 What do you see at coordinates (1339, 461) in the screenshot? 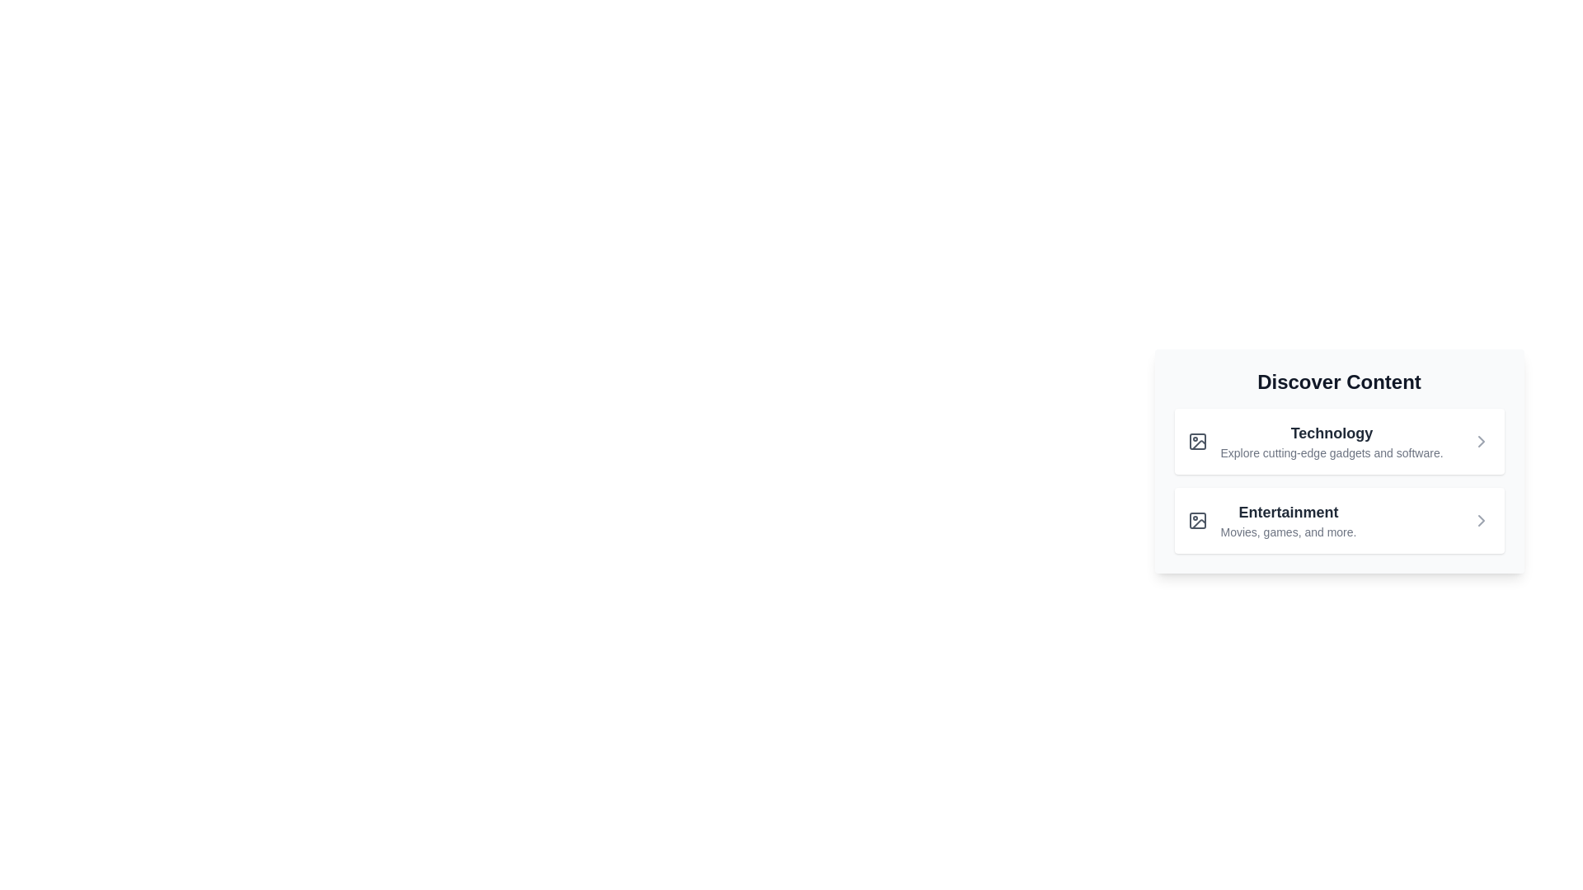
I see `specific entries within the Content card that organizes and presents clickable informational entries for users` at bounding box center [1339, 461].